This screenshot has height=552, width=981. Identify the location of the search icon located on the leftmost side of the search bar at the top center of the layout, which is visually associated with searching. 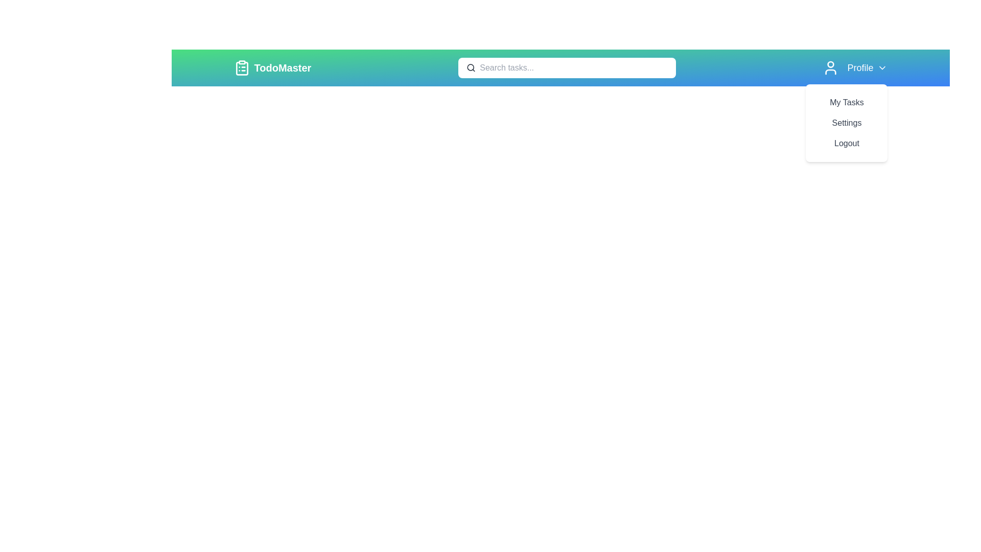
(470, 67).